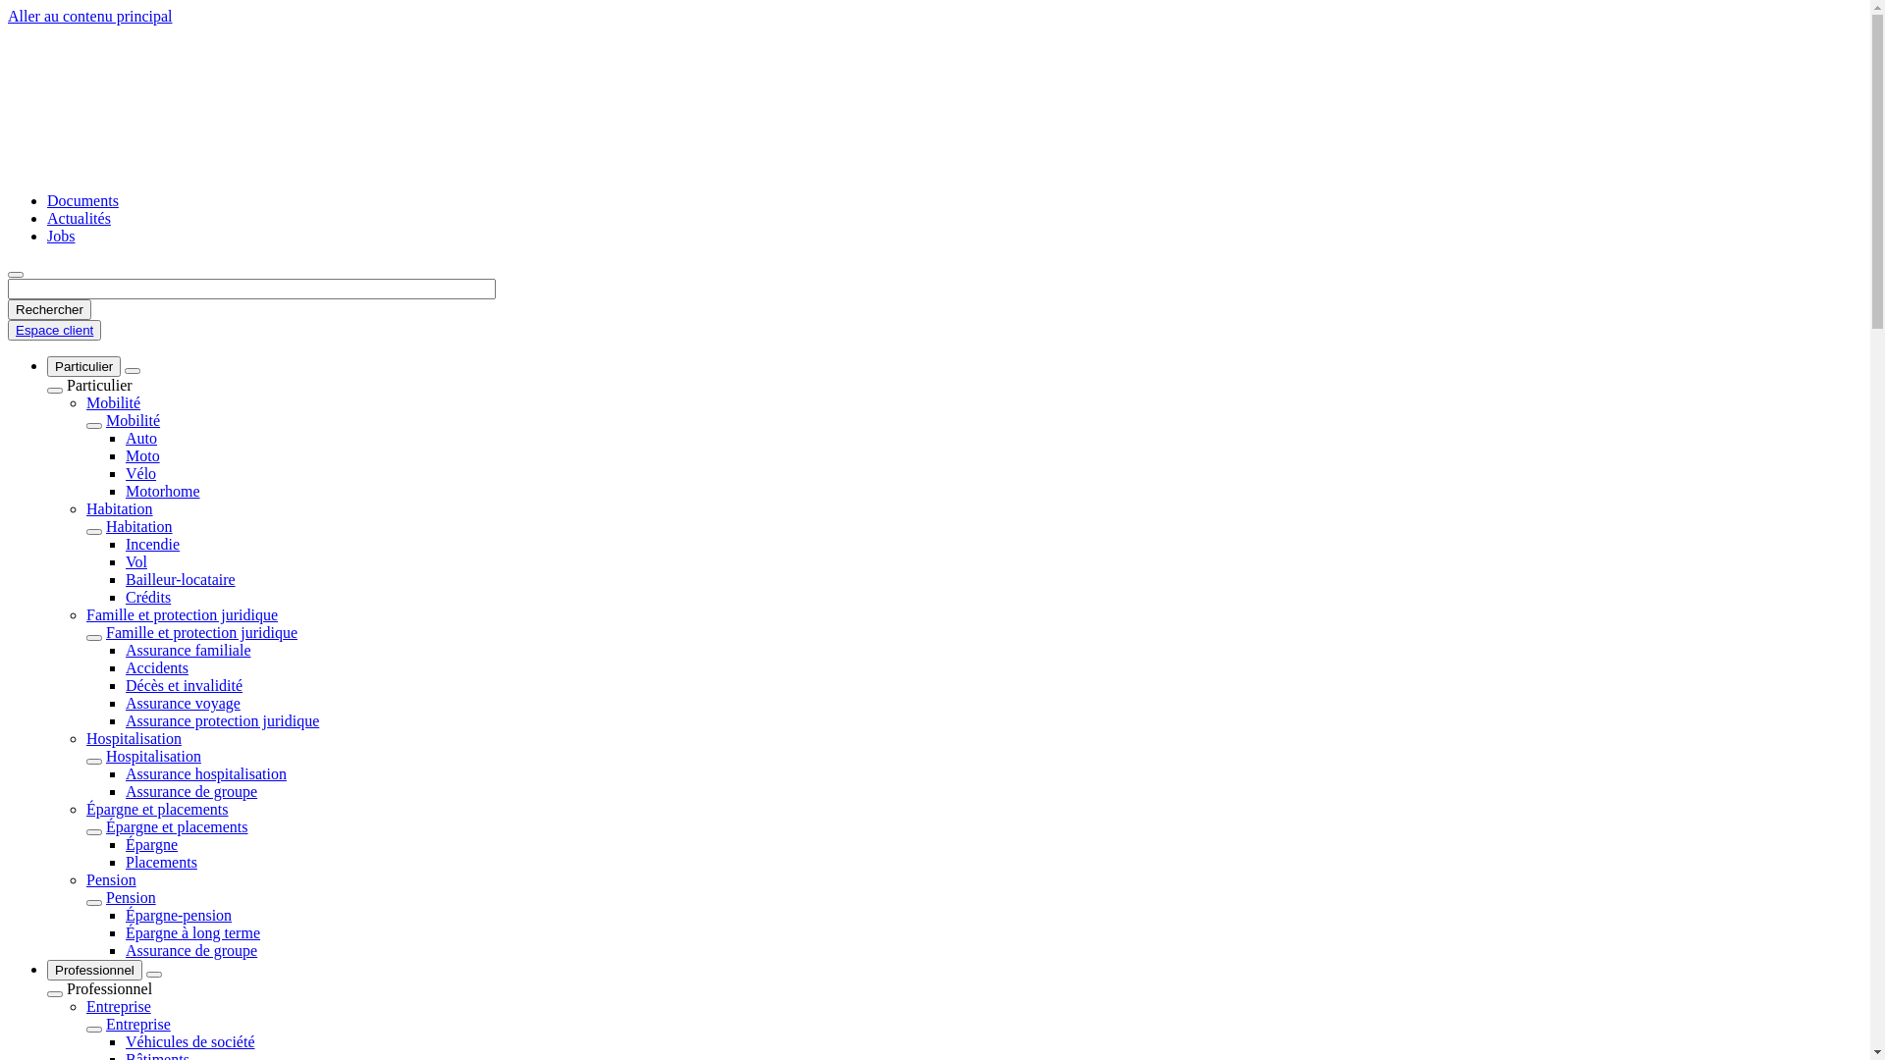 The height and width of the screenshot is (1060, 1885). What do you see at coordinates (183, 702) in the screenshot?
I see `'Assurance voyage'` at bounding box center [183, 702].